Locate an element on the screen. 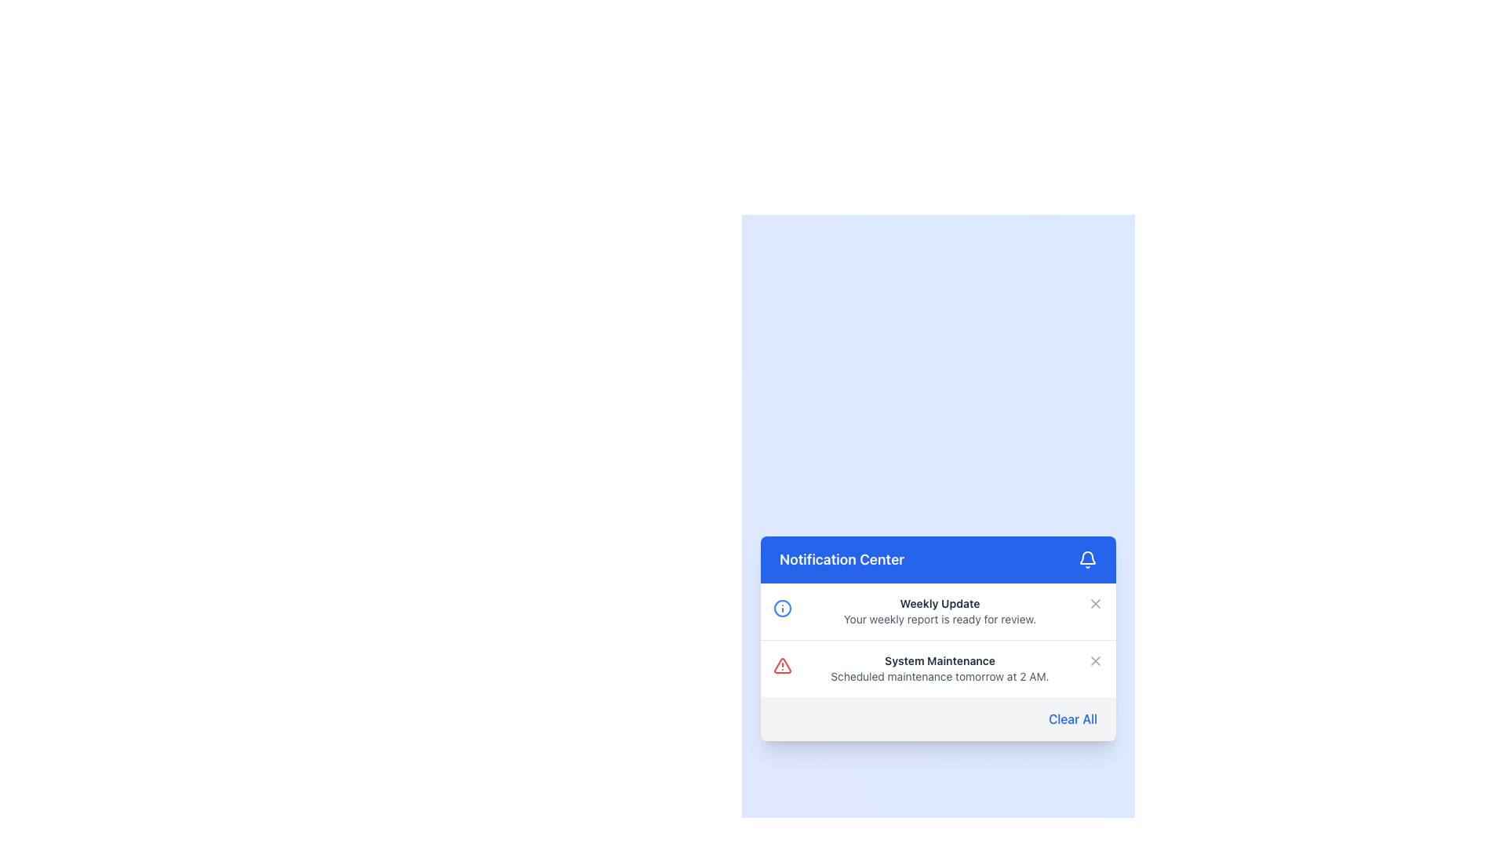 The width and height of the screenshot is (1506, 847). the hyperlink located at the bottom-right corner of the notification menu is located at coordinates (1072, 718).